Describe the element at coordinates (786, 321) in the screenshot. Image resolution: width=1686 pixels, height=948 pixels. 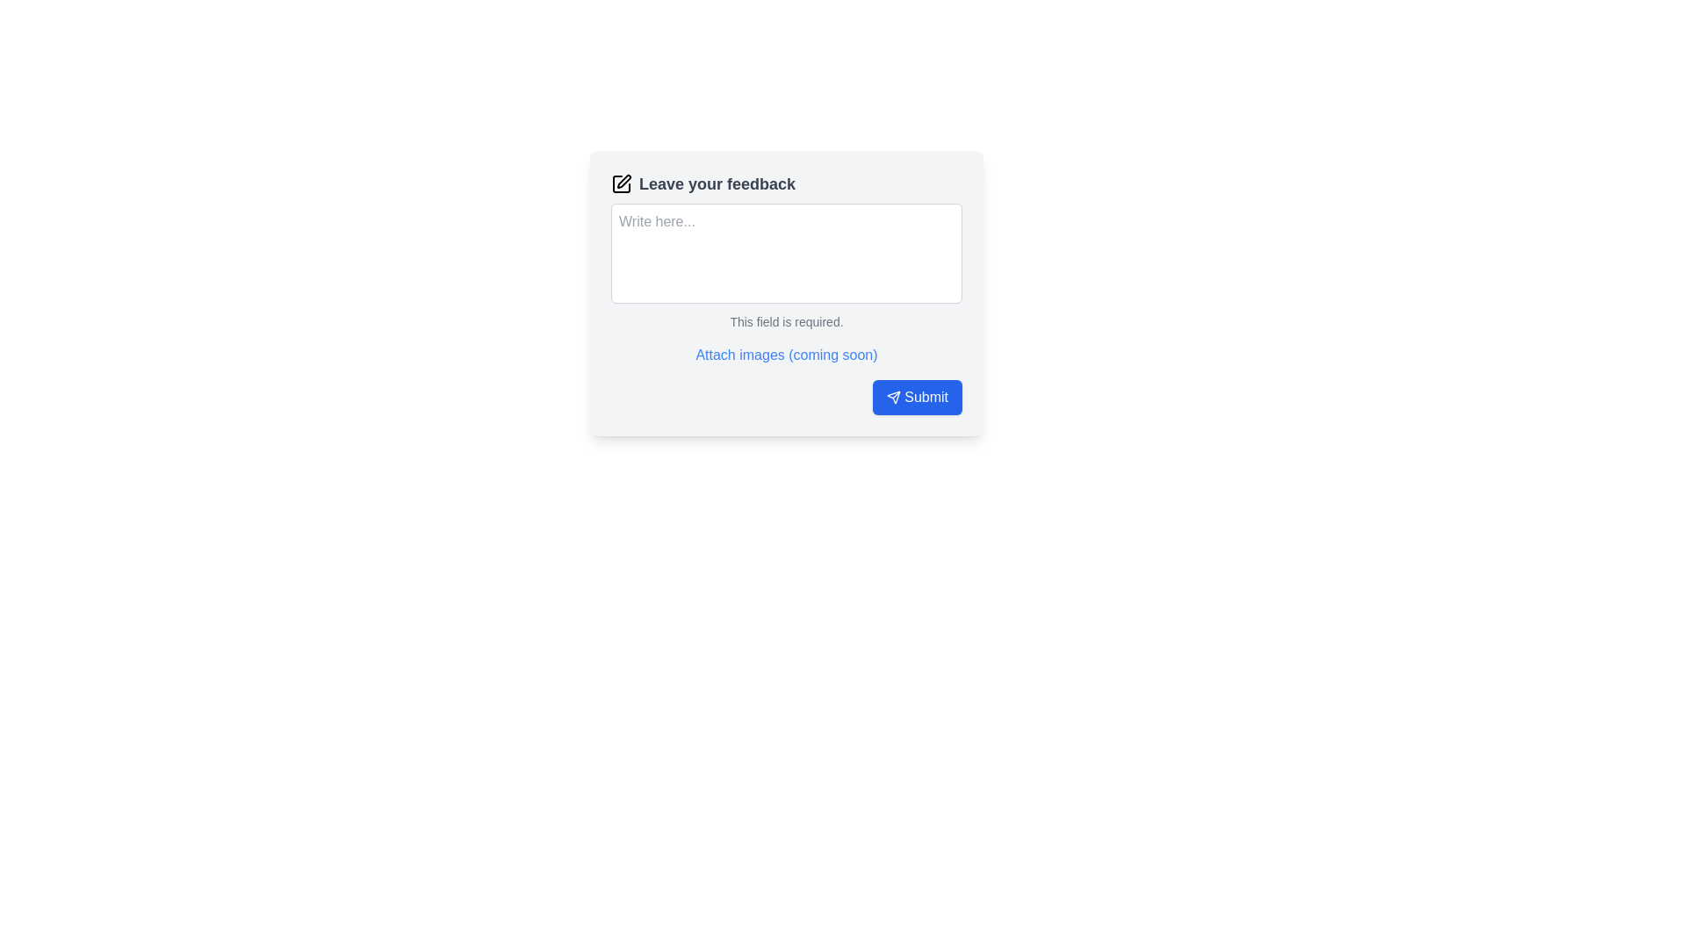
I see `the text label 'This field is required.' which is styled in a smaller font size with a muted gray color, located directly below the multi-line text input labeled 'Leave your feedback'` at that location.